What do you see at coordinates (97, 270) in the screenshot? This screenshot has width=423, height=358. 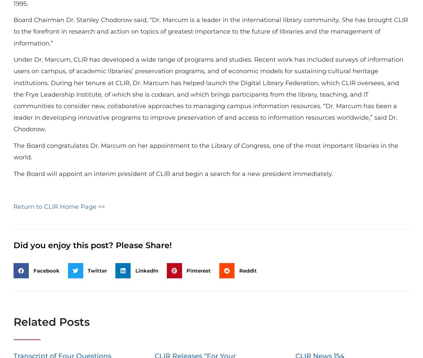 I see `'Twitter'` at bounding box center [97, 270].